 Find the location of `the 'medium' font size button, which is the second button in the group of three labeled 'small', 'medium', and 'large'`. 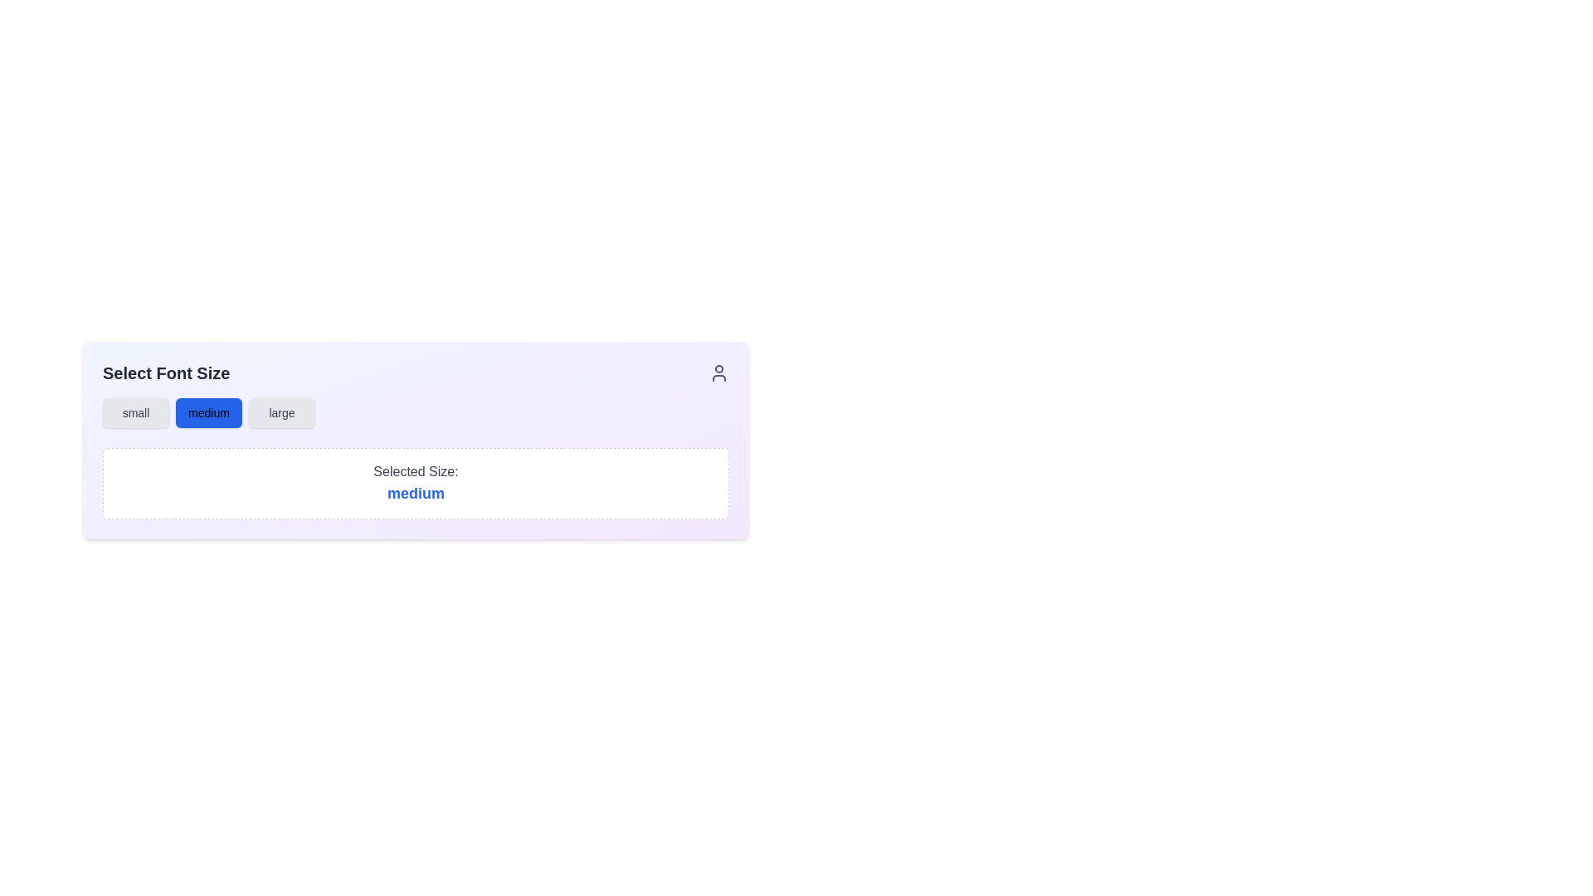

the 'medium' font size button, which is the second button in the group of three labeled 'small', 'medium', and 'large' is located at coordinates (208, 411).